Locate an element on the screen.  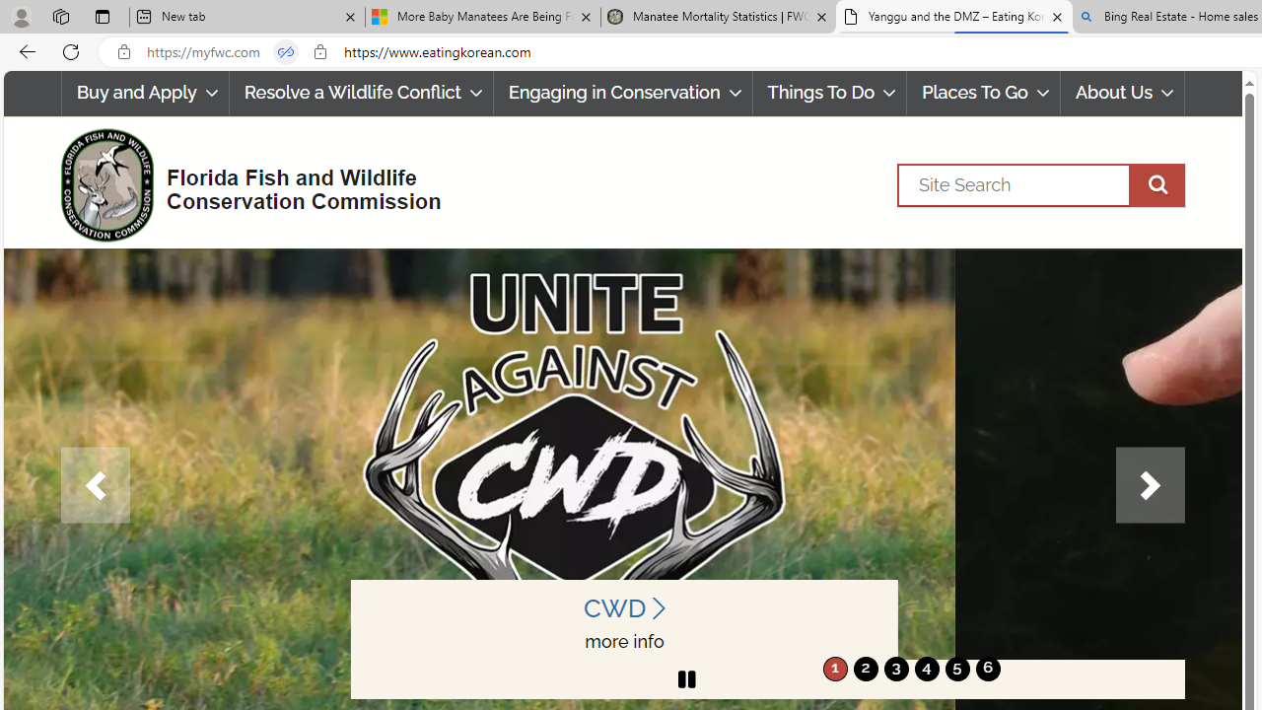
'1' is located at coordinates (835, 668).